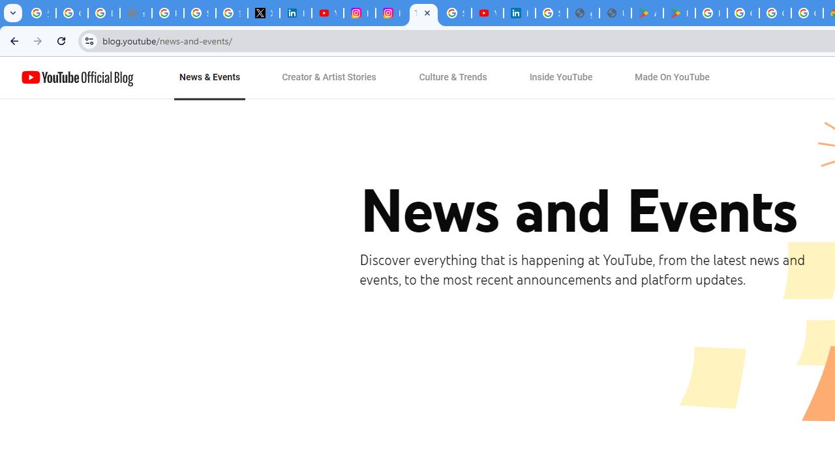 The width and height of the screenshot is (835, 470). What do you see at coordinates (561, 78) in the screenshot?
I see `'Inside YouTube'` at bounding box center [561, 78].